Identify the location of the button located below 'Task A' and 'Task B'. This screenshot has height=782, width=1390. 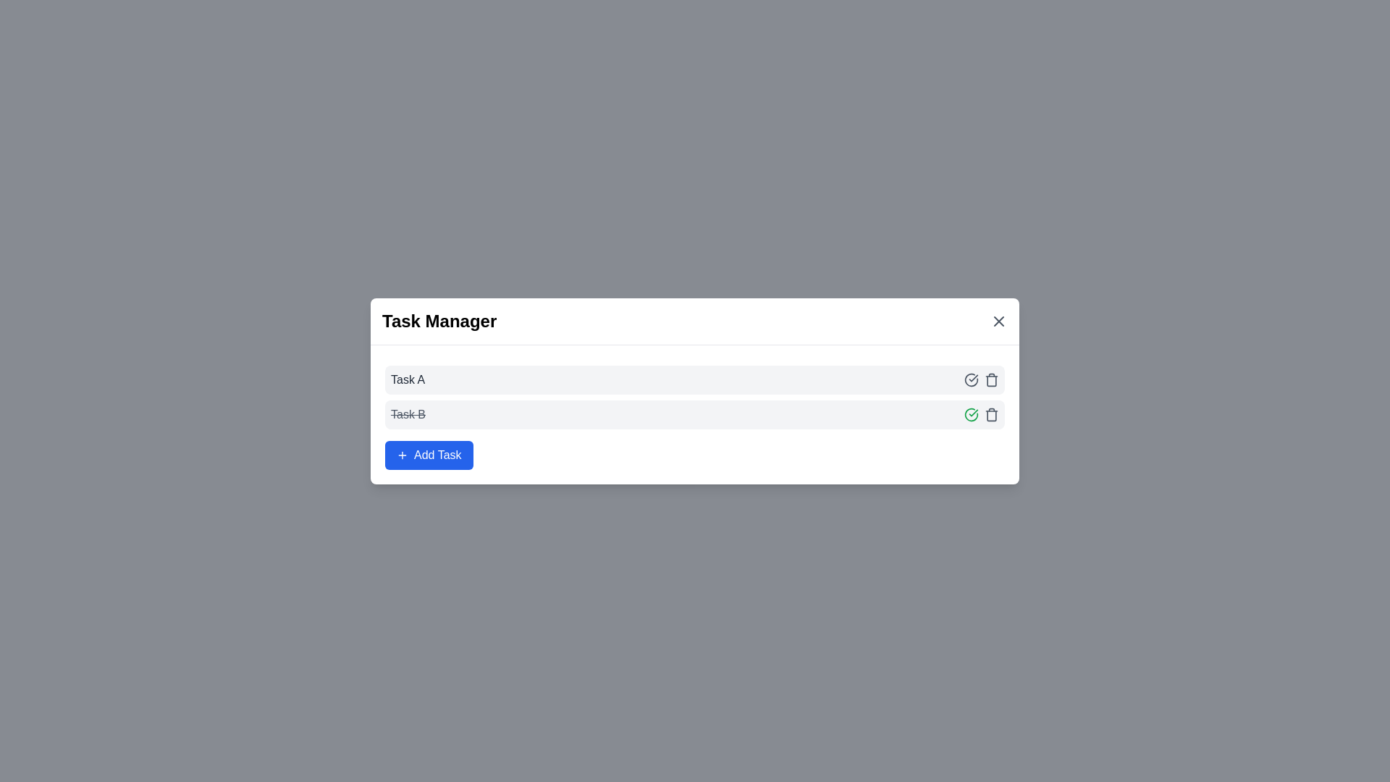
(428, 454).